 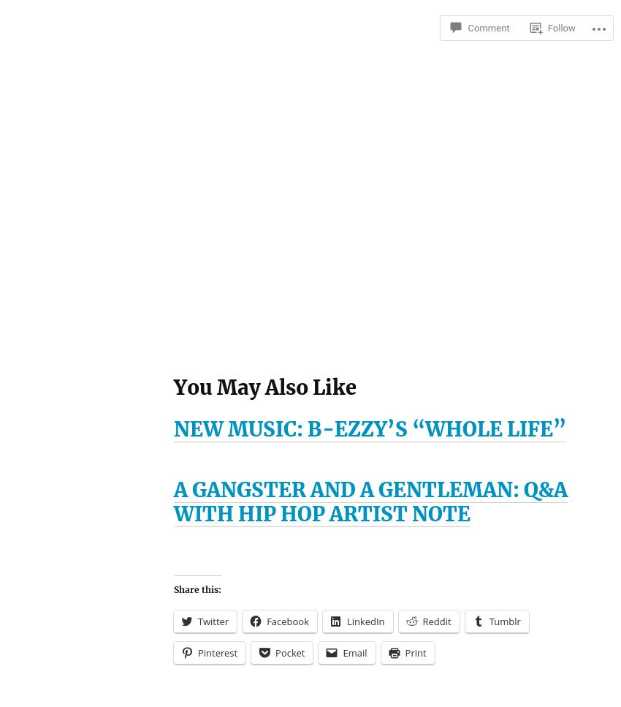 What do you see at coordinates (365, 621) in the screenshot?
I see `'LinkedIn'` at bounding box center [365, 621].